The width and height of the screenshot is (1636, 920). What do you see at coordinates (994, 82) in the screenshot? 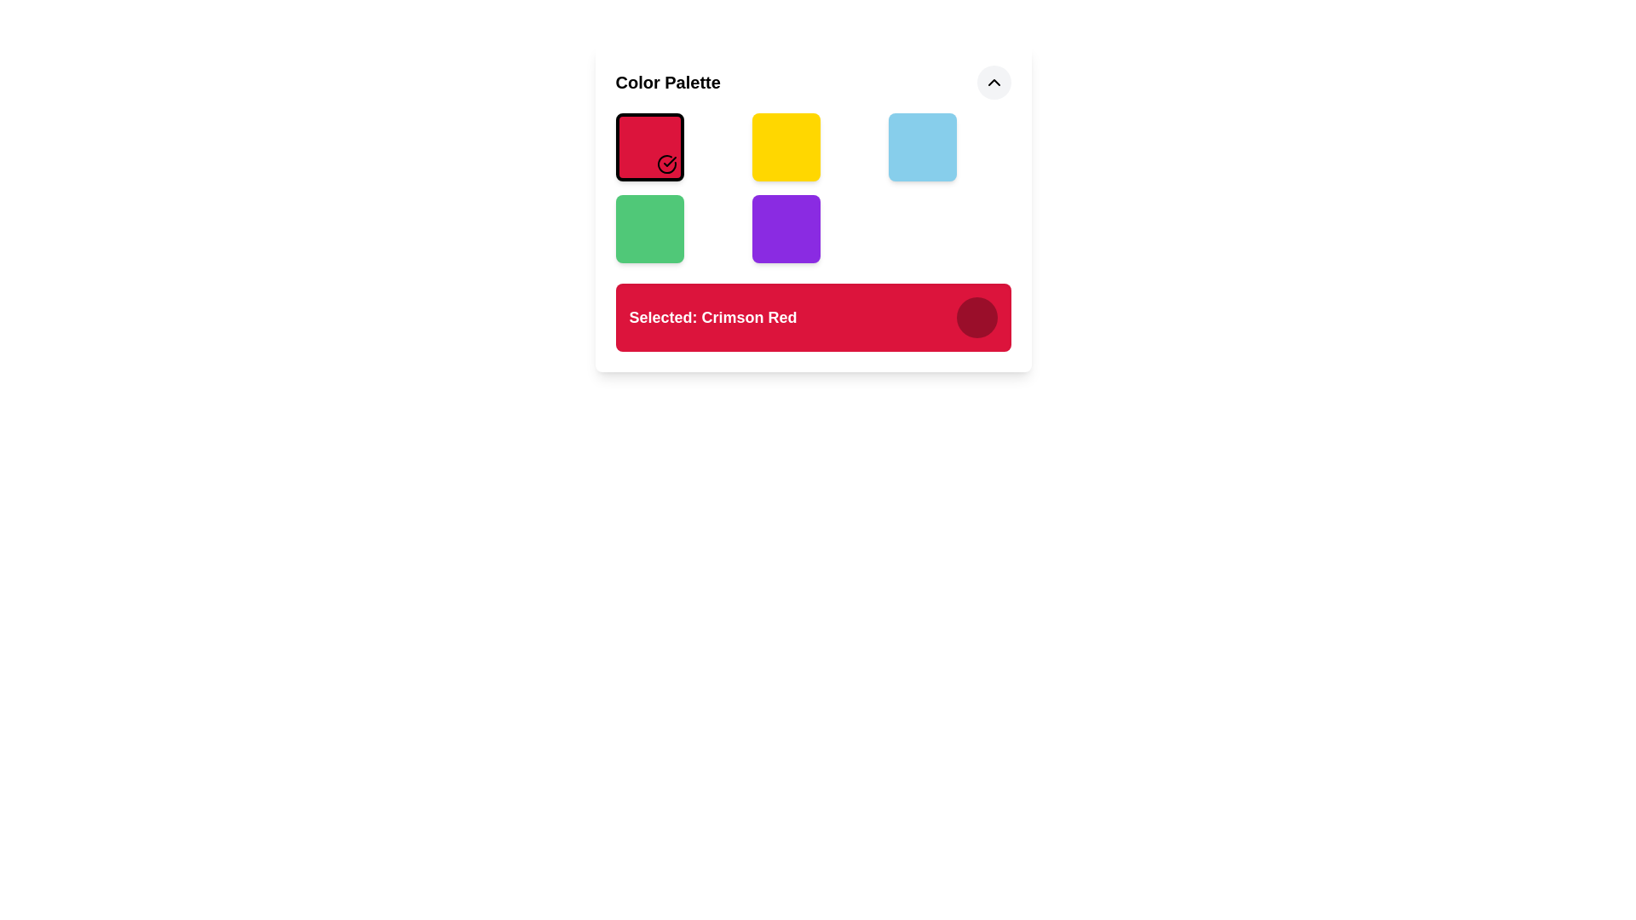
I see `the circular button with a light gray background and black upward-pointing chevron icon located at the top-right corner of the 'Color Palette' section` at bounding box center [994, 82].